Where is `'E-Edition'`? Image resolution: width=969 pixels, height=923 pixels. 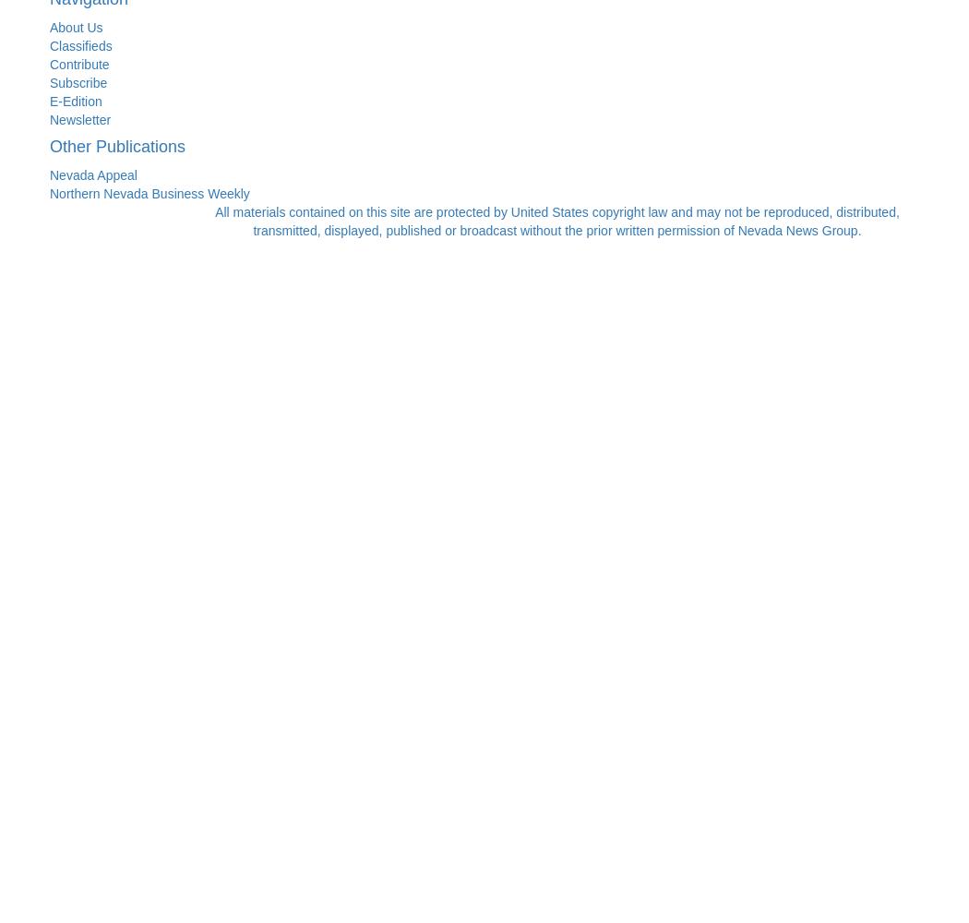 'E-Edition' is located at coordinates (76, 100).